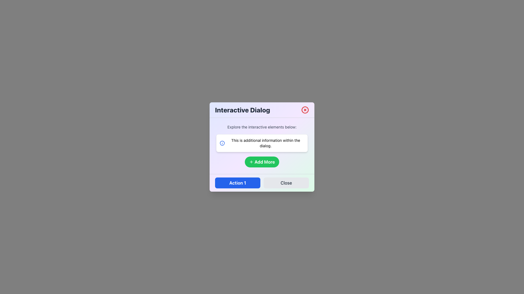 This screenshot has width=524, height=294. I want to click on title text of the dialog header that displays 'Interactive Dialog' in bold font, located at the top of the panel with a light purple background, so click(262, 110).